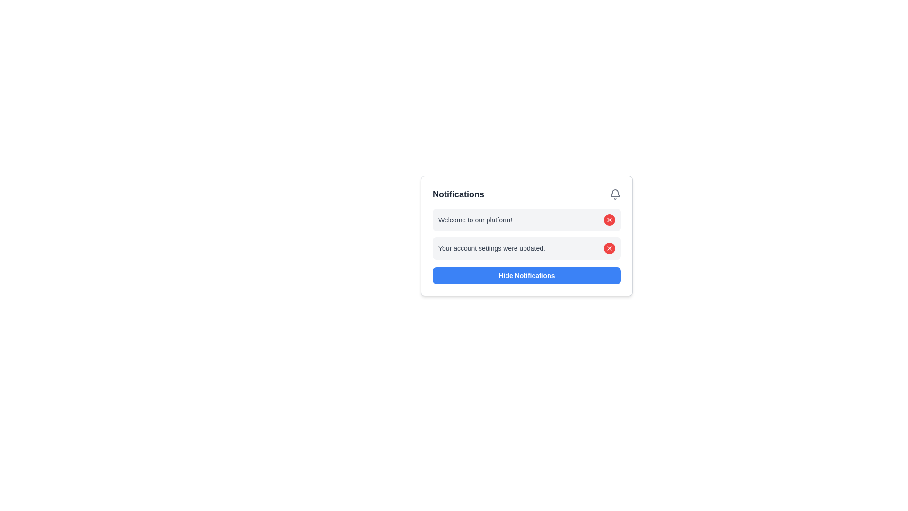  What do you see at coordinates (610, 220) in the screenshot?
I see `the circular red close button with an 'X' icon in the top-right corner of the notification message for keyboard interaction` at bounding box center [610, 220].